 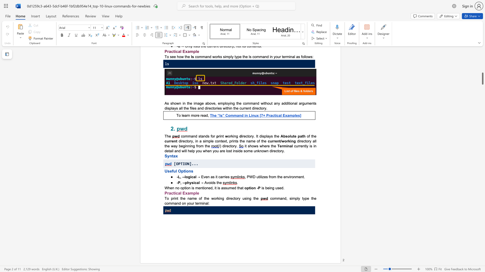 What do you see at coordinates (186, 164) in the screenshot?
I see `the 2th character "O" in the text` at bounding box center [186, 164].